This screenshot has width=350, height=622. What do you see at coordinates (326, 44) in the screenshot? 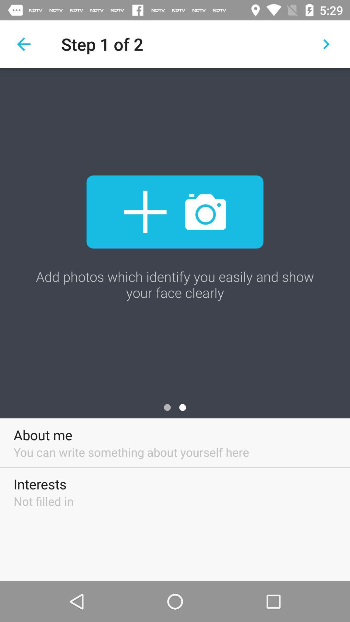
I see `the icon above the add photos which icon` at bounding box center [326, 44].